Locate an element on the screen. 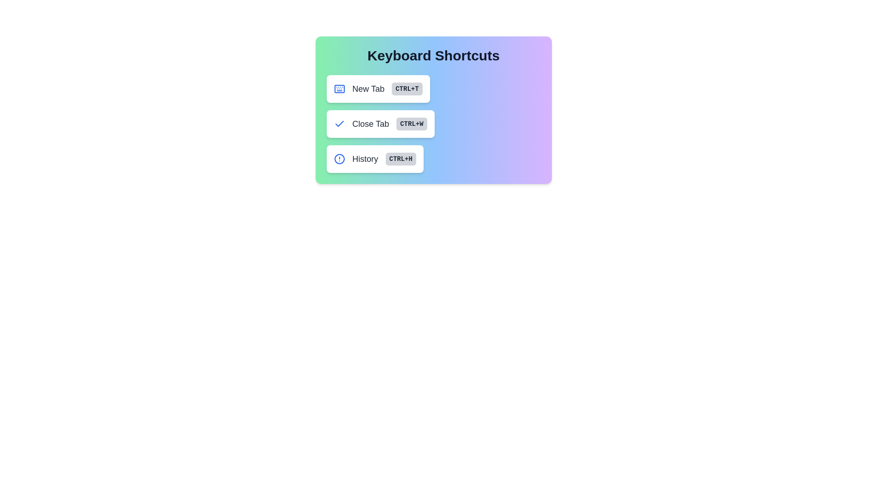 This screenshot has width=886, height=498. the icon that visually represents the action is located at coordinates (339, 89).